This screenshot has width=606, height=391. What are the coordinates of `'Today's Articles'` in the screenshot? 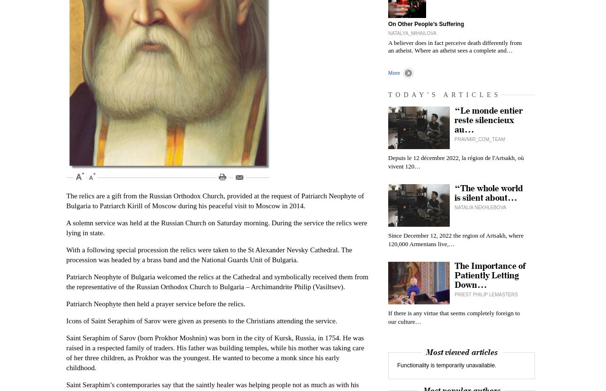 It's located at (388, 95).